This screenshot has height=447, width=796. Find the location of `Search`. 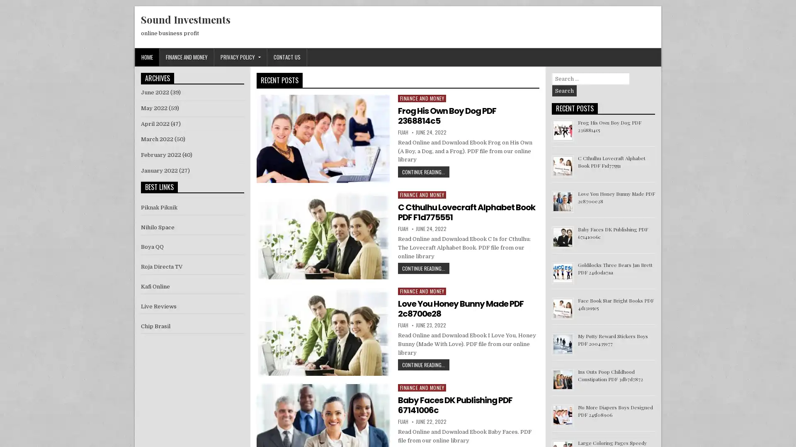

Search is located at coordinates (564, 91).